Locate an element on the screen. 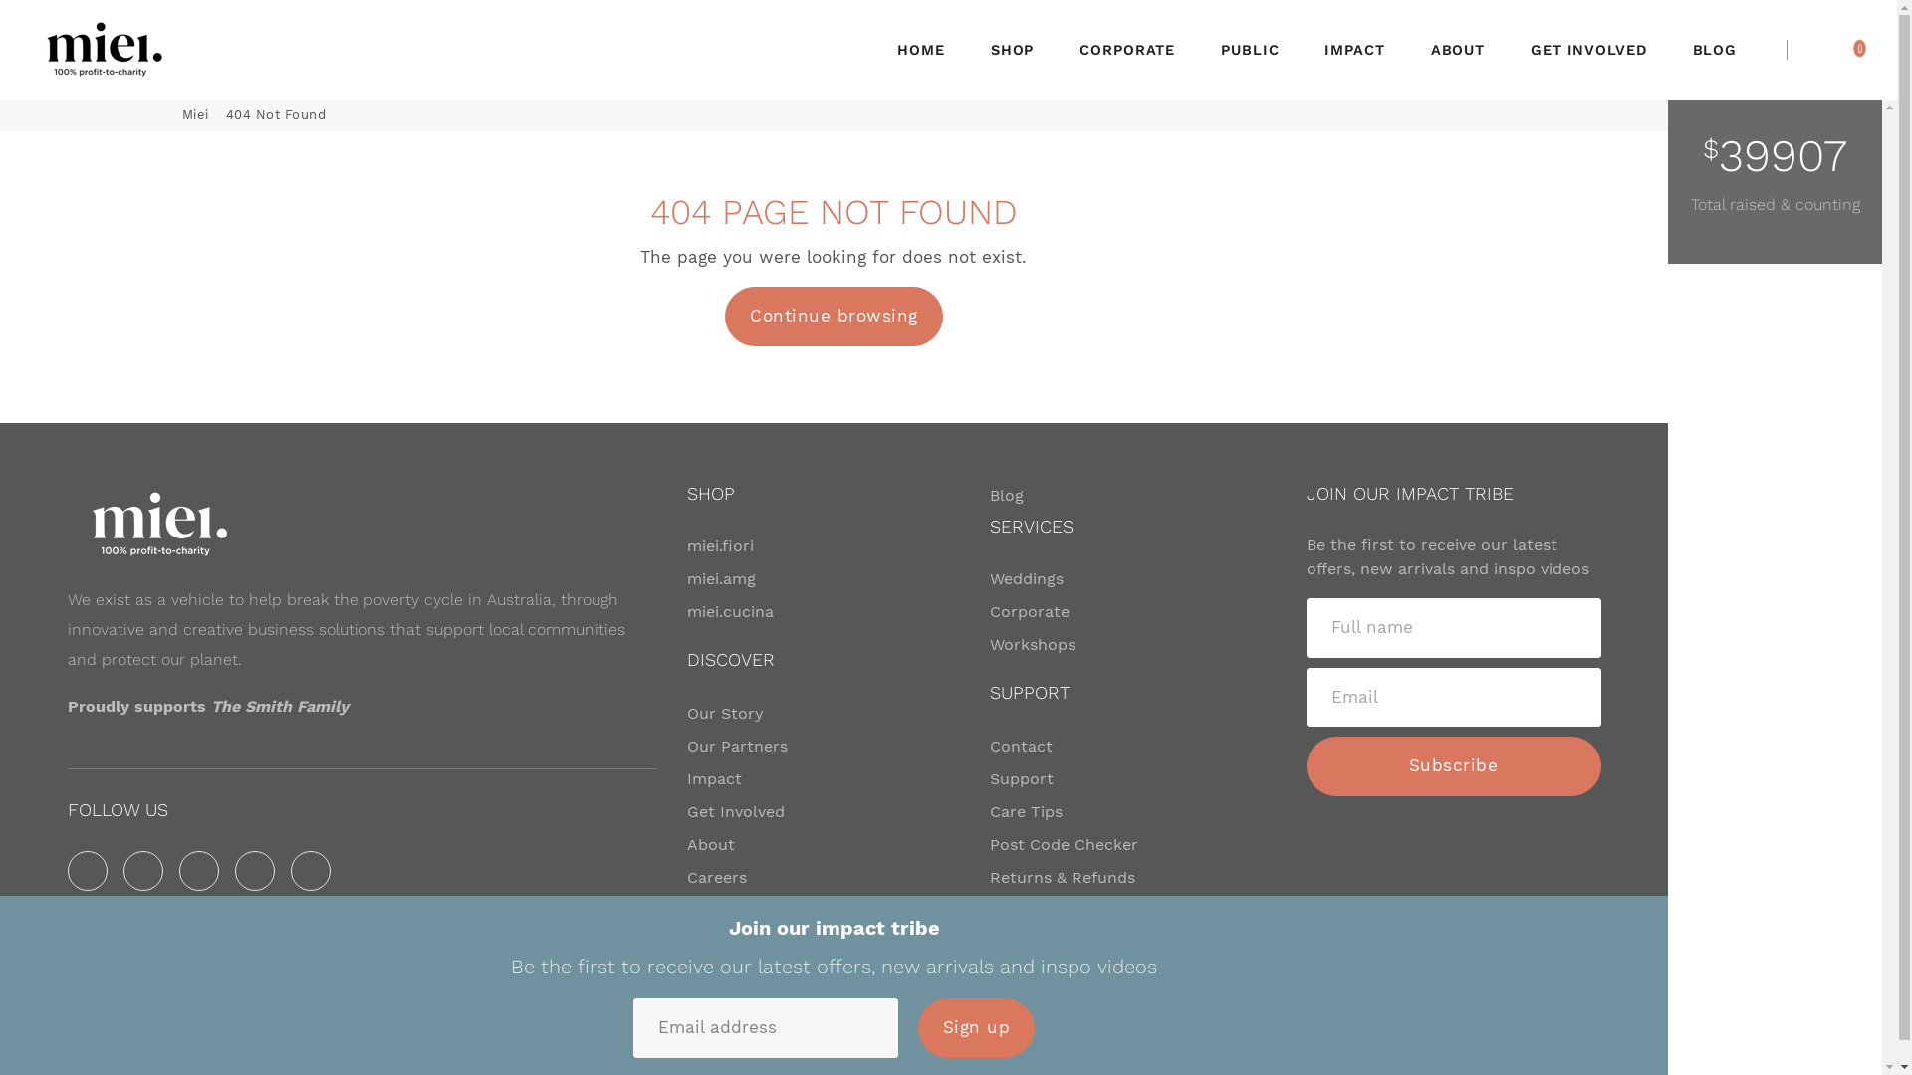  'miei.fiori' is located at coordinates (719, 545).